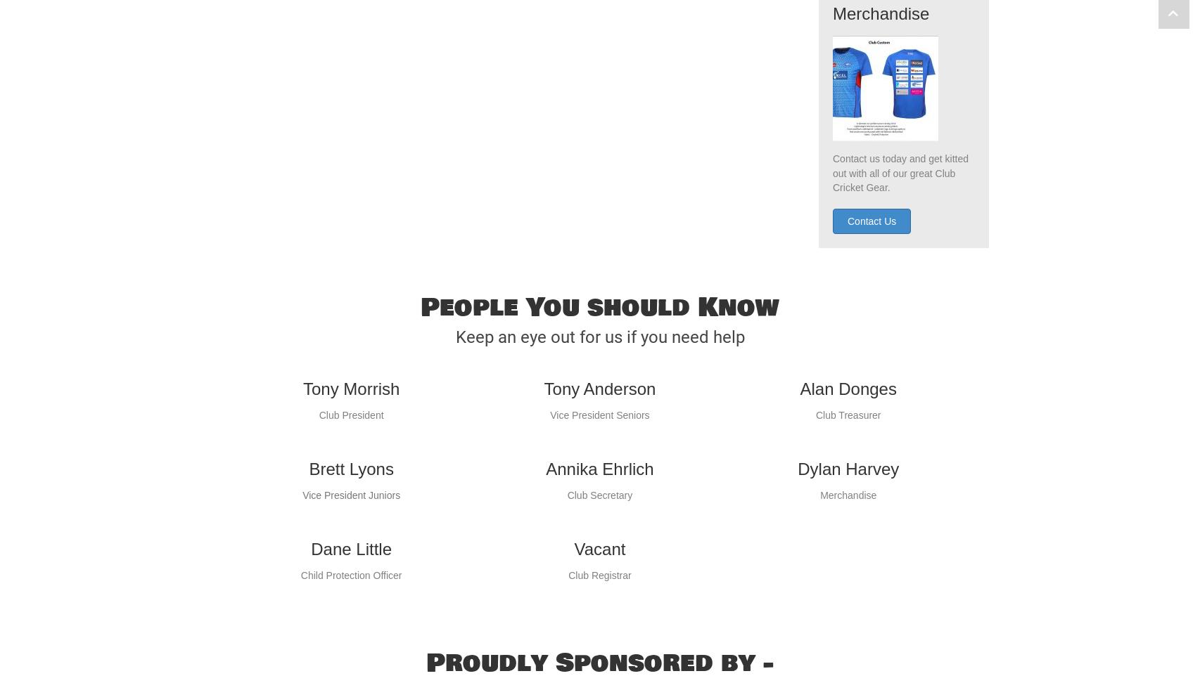 The height and width of the screenshot is (683, 1200). I want to click on 'Dylan Harvey', so click(848, 497).